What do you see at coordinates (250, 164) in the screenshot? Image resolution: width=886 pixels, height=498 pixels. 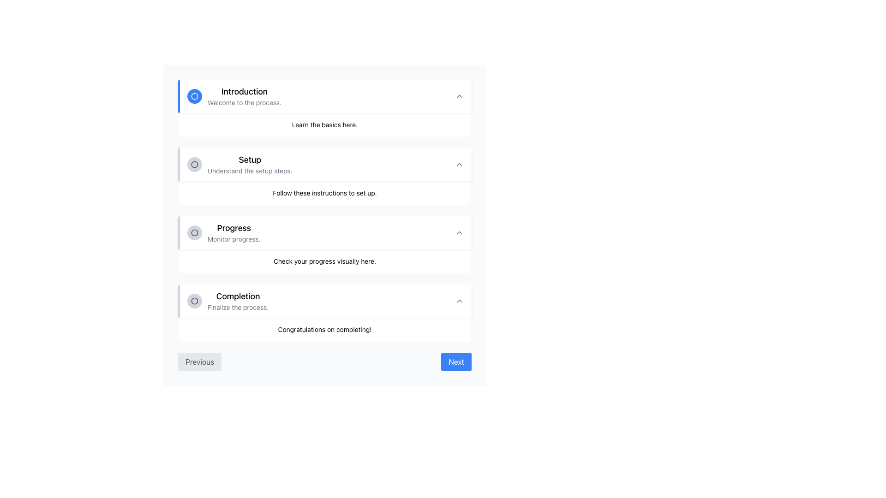 I see `description of the 'Setup' step located in the second row of the vertical list, positioned between 'Introduction' and 'Progress'` at bounding box center [250, 164].